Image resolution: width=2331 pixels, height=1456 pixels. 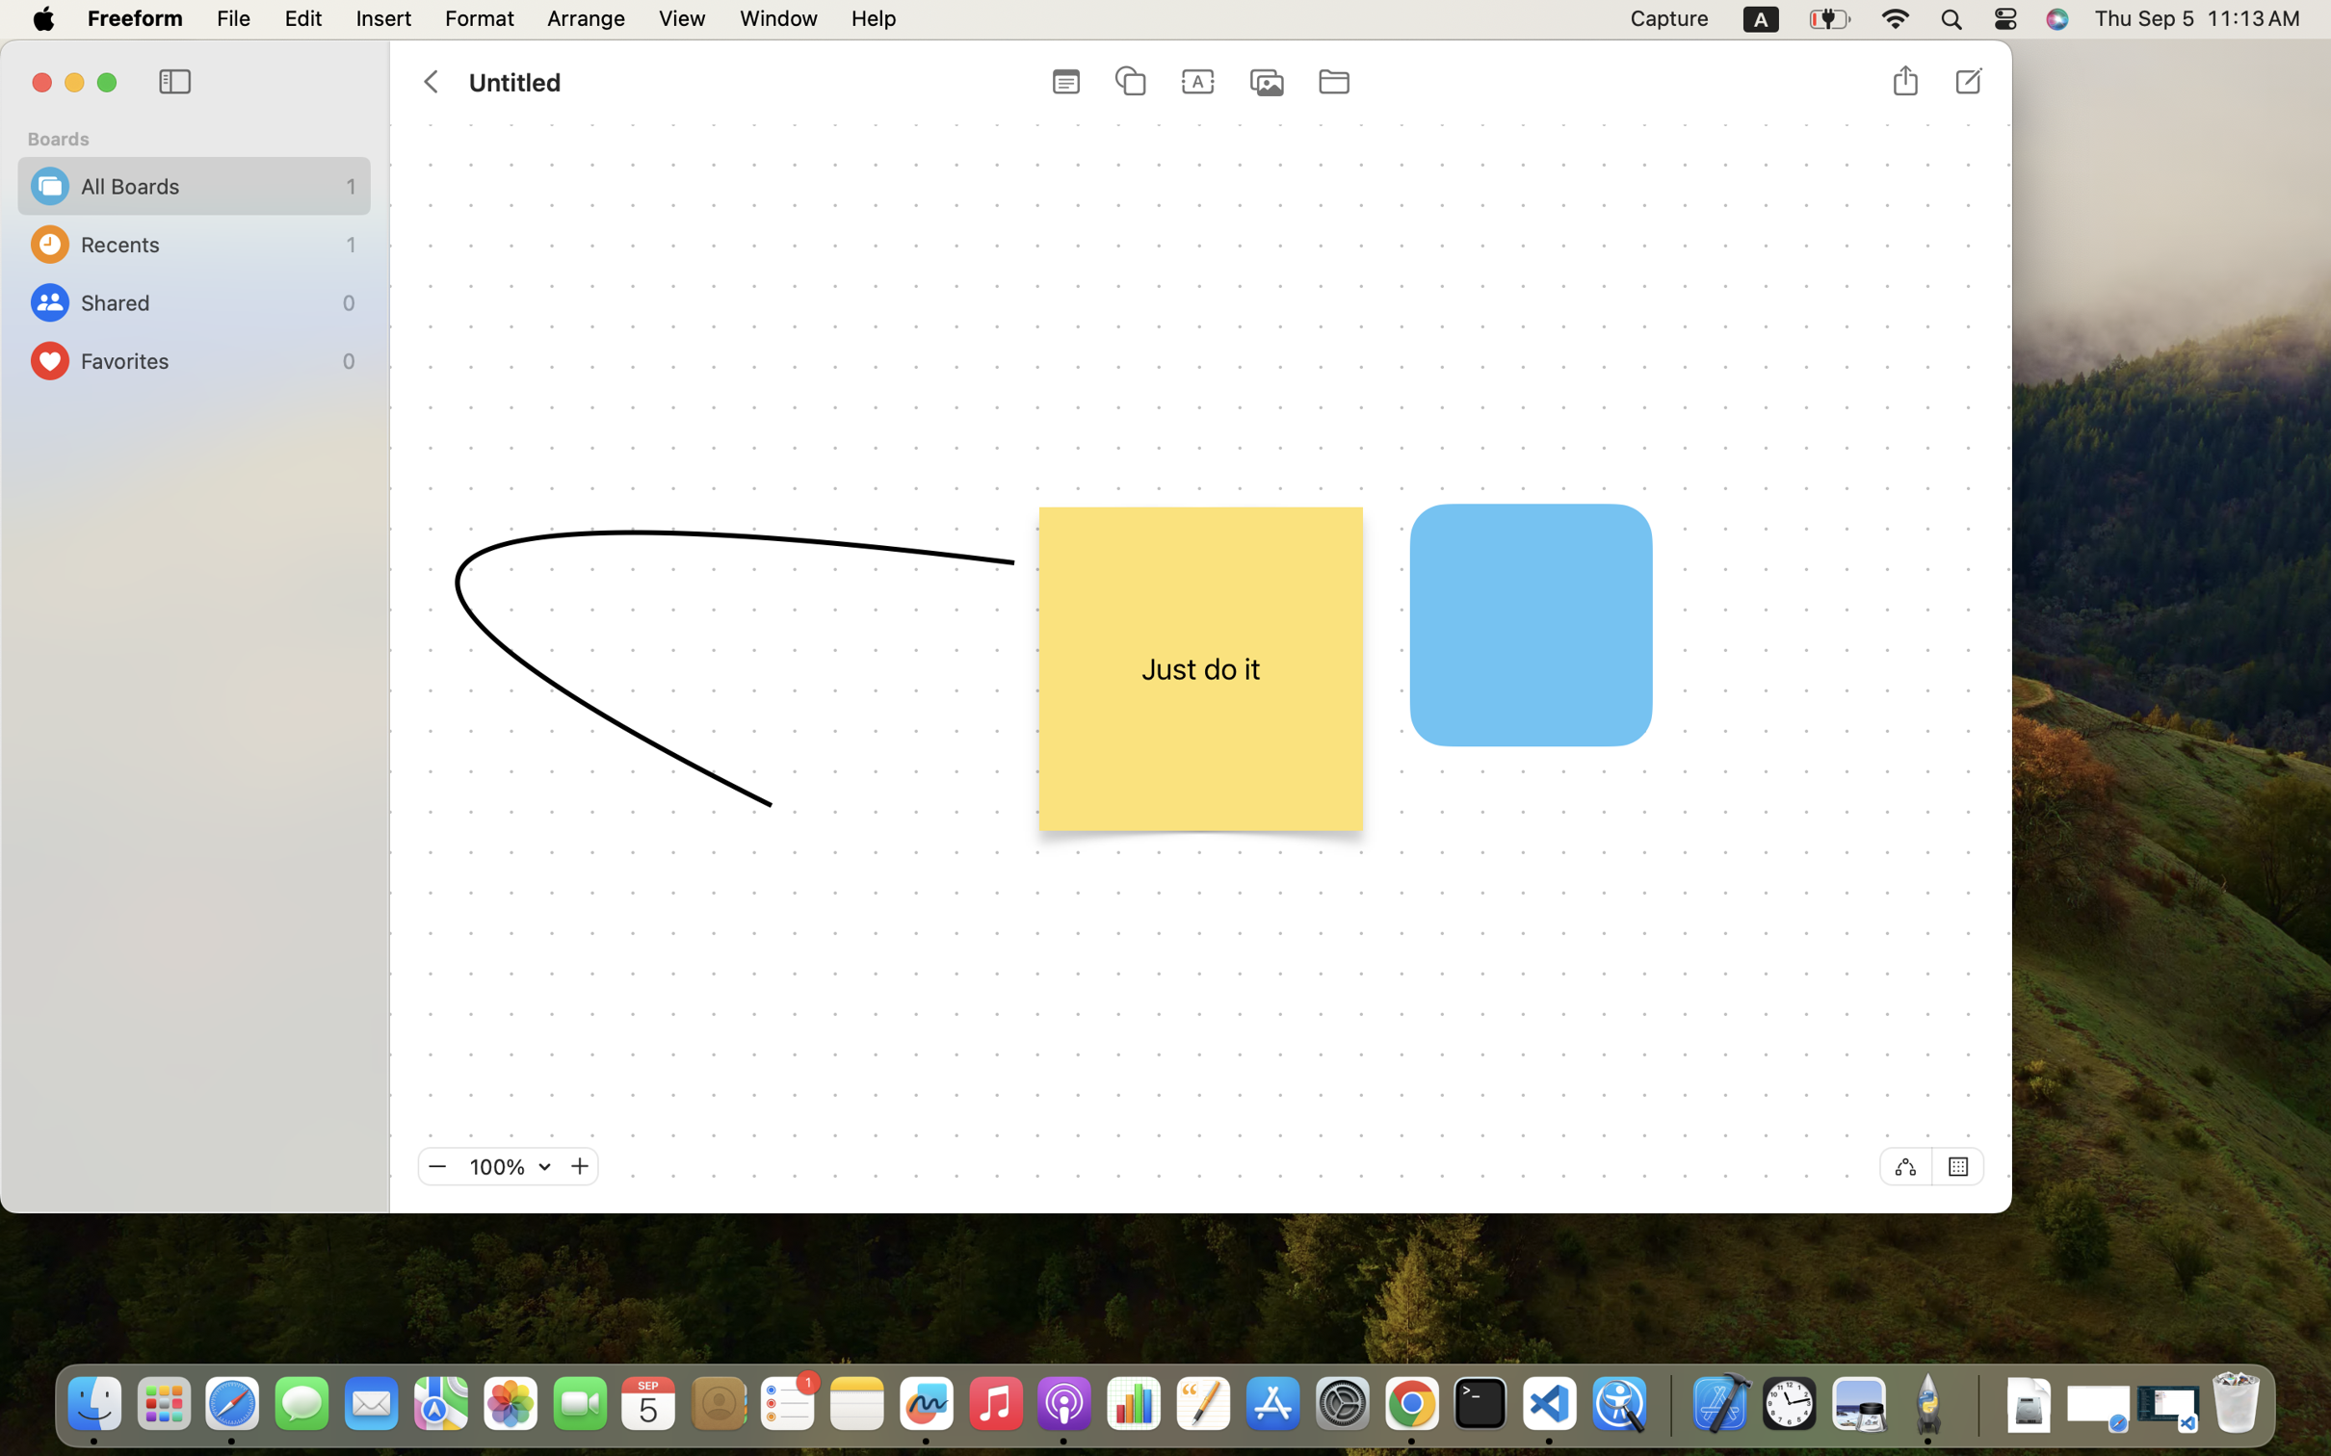 What do you see at coordinates (206, 301) in the screenshot?
I see `'Shared'` at bounding box center [206, 301].